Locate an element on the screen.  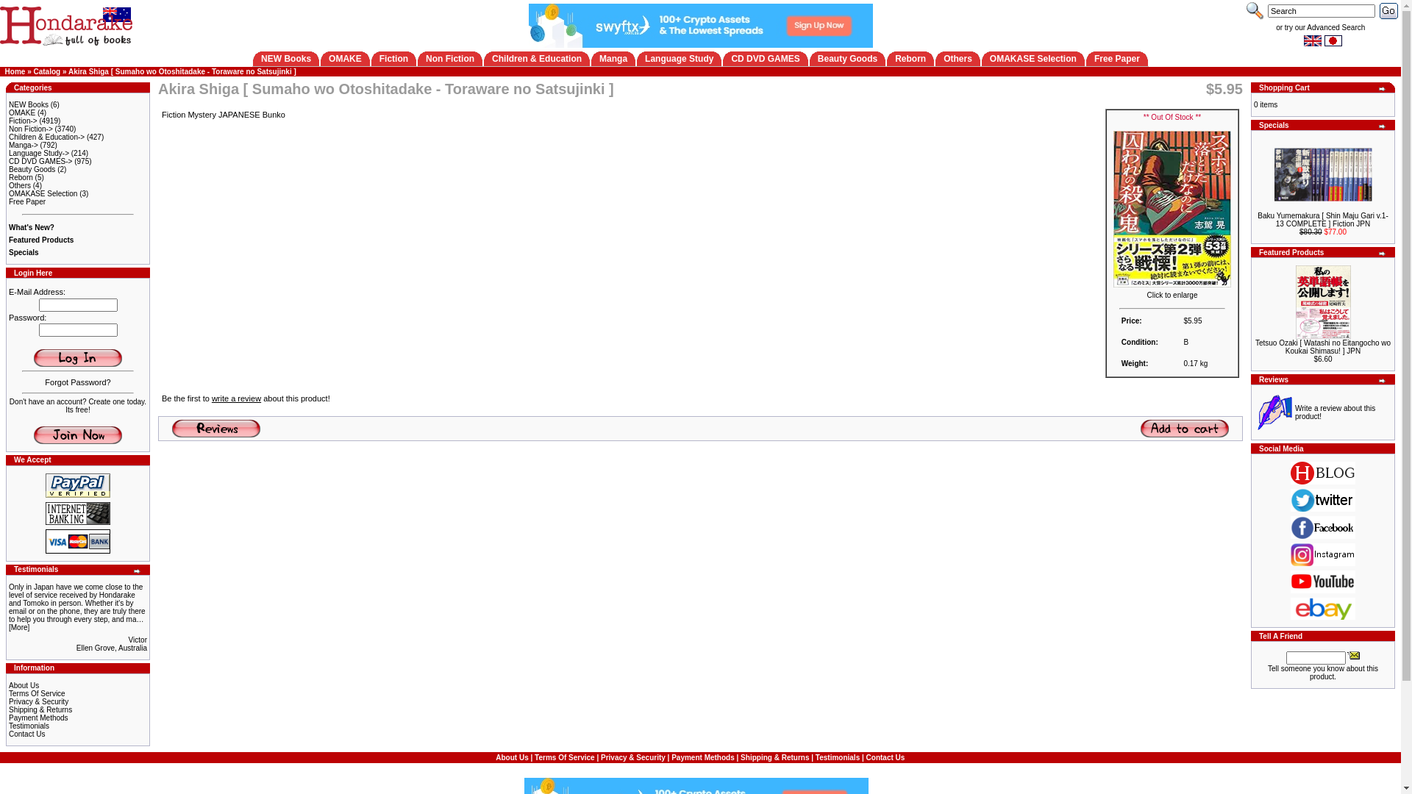
'write a review' is located at coordinates (236, 398).